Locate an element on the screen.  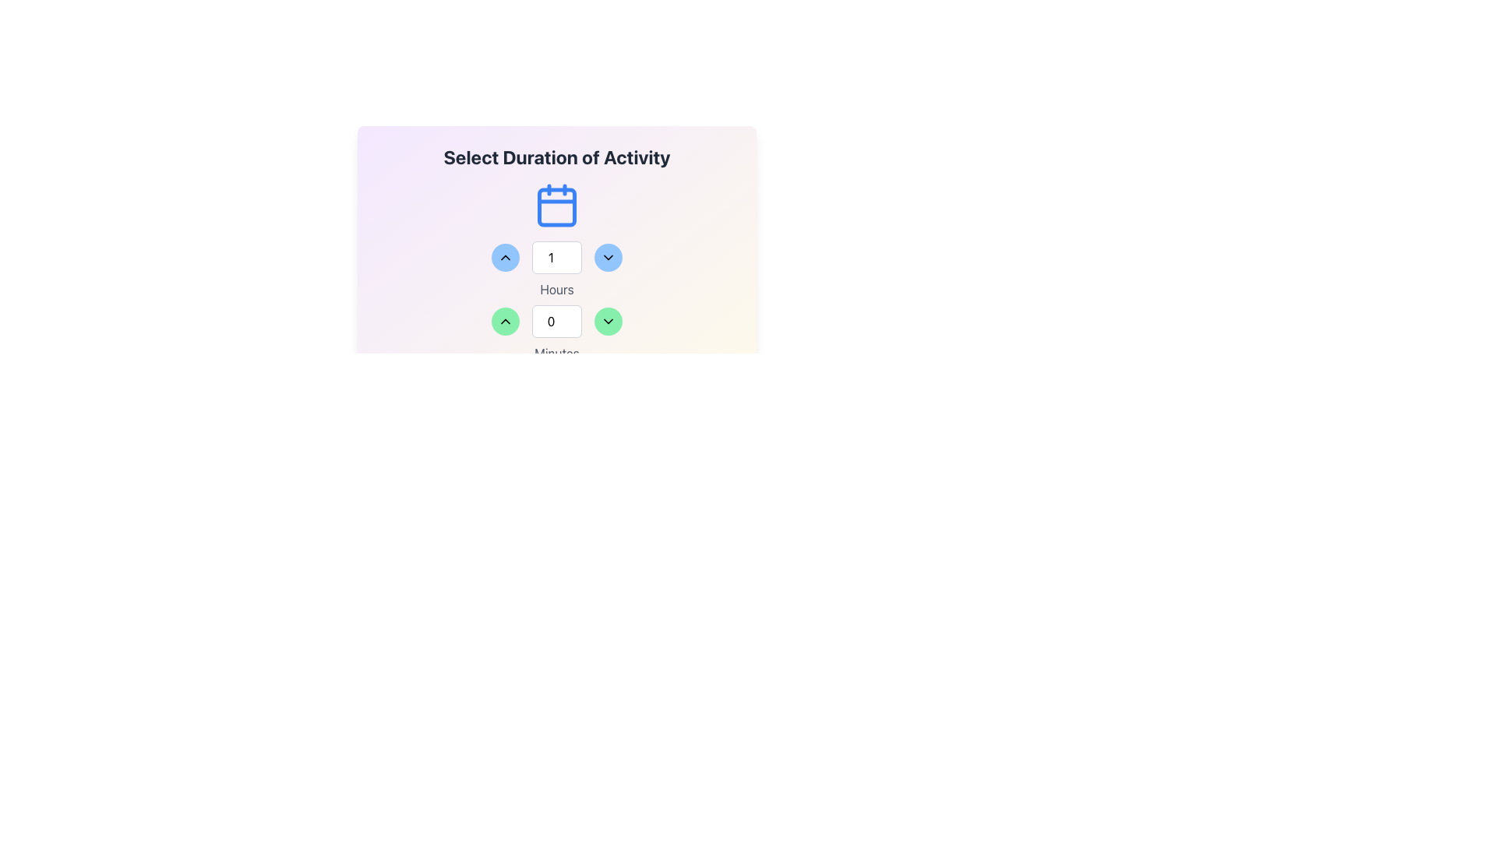
the decorative blue calendar icon located at the top center of the layout, directly beneath the title 'Select Duration of Activity' is located at coordinates (557, 204).